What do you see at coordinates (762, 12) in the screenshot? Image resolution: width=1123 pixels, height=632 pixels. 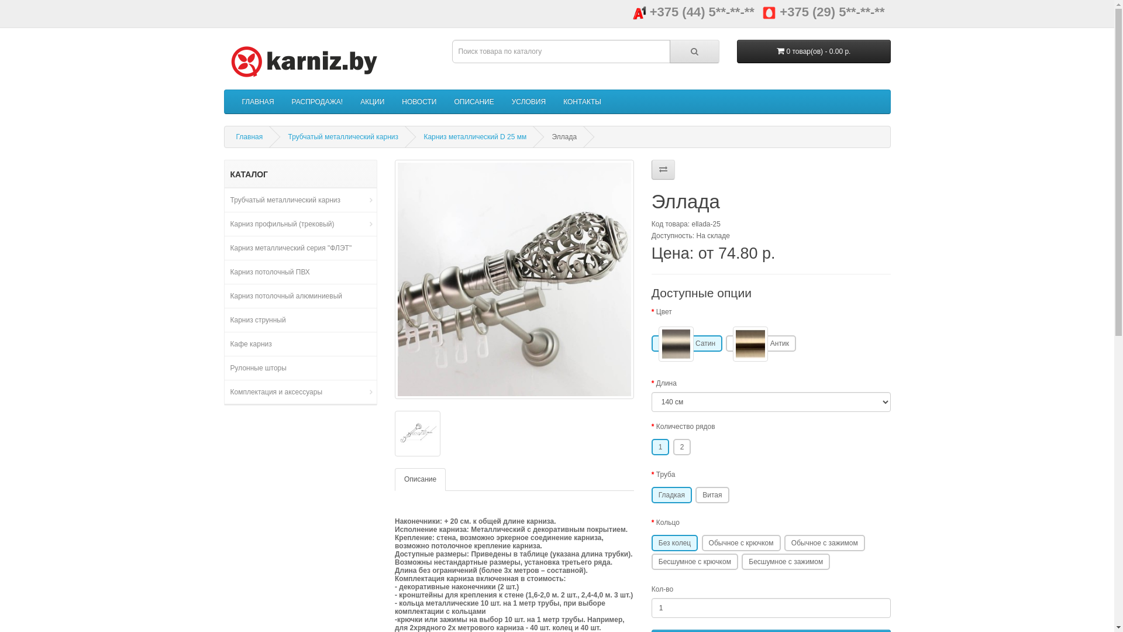 I see `'+375 (29) 5**-**-**'` at bounding box center [762, 12].